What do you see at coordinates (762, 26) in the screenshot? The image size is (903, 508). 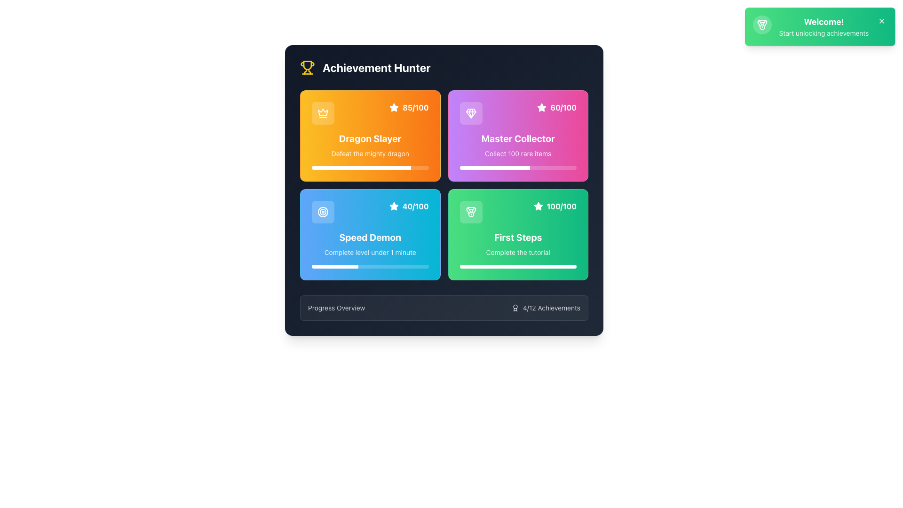 I see `the small circle located in the center of the medal icon, which is styled with a golden outline and is adjacent to the 'Achievement Hunter' text` at bounding box center [762, 26].